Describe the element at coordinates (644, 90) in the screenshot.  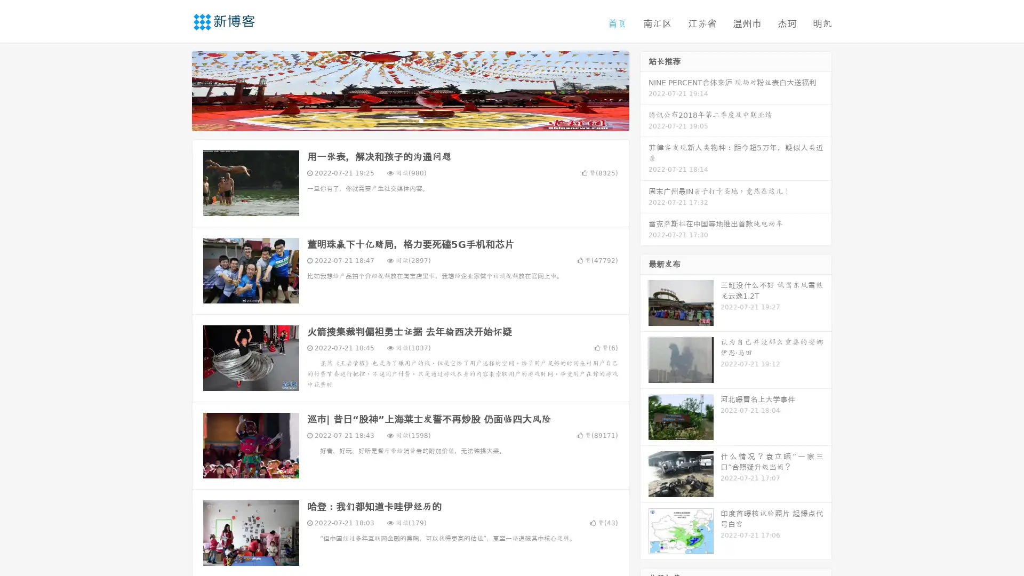
I see `Next slide` at that location.